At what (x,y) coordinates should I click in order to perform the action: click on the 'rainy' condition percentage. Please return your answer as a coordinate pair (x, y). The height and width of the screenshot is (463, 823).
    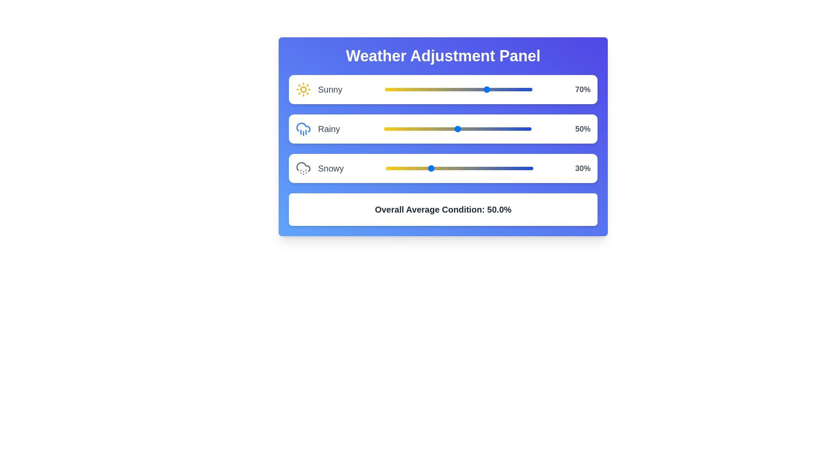
    Looking at the image, I should click on (408, 129).